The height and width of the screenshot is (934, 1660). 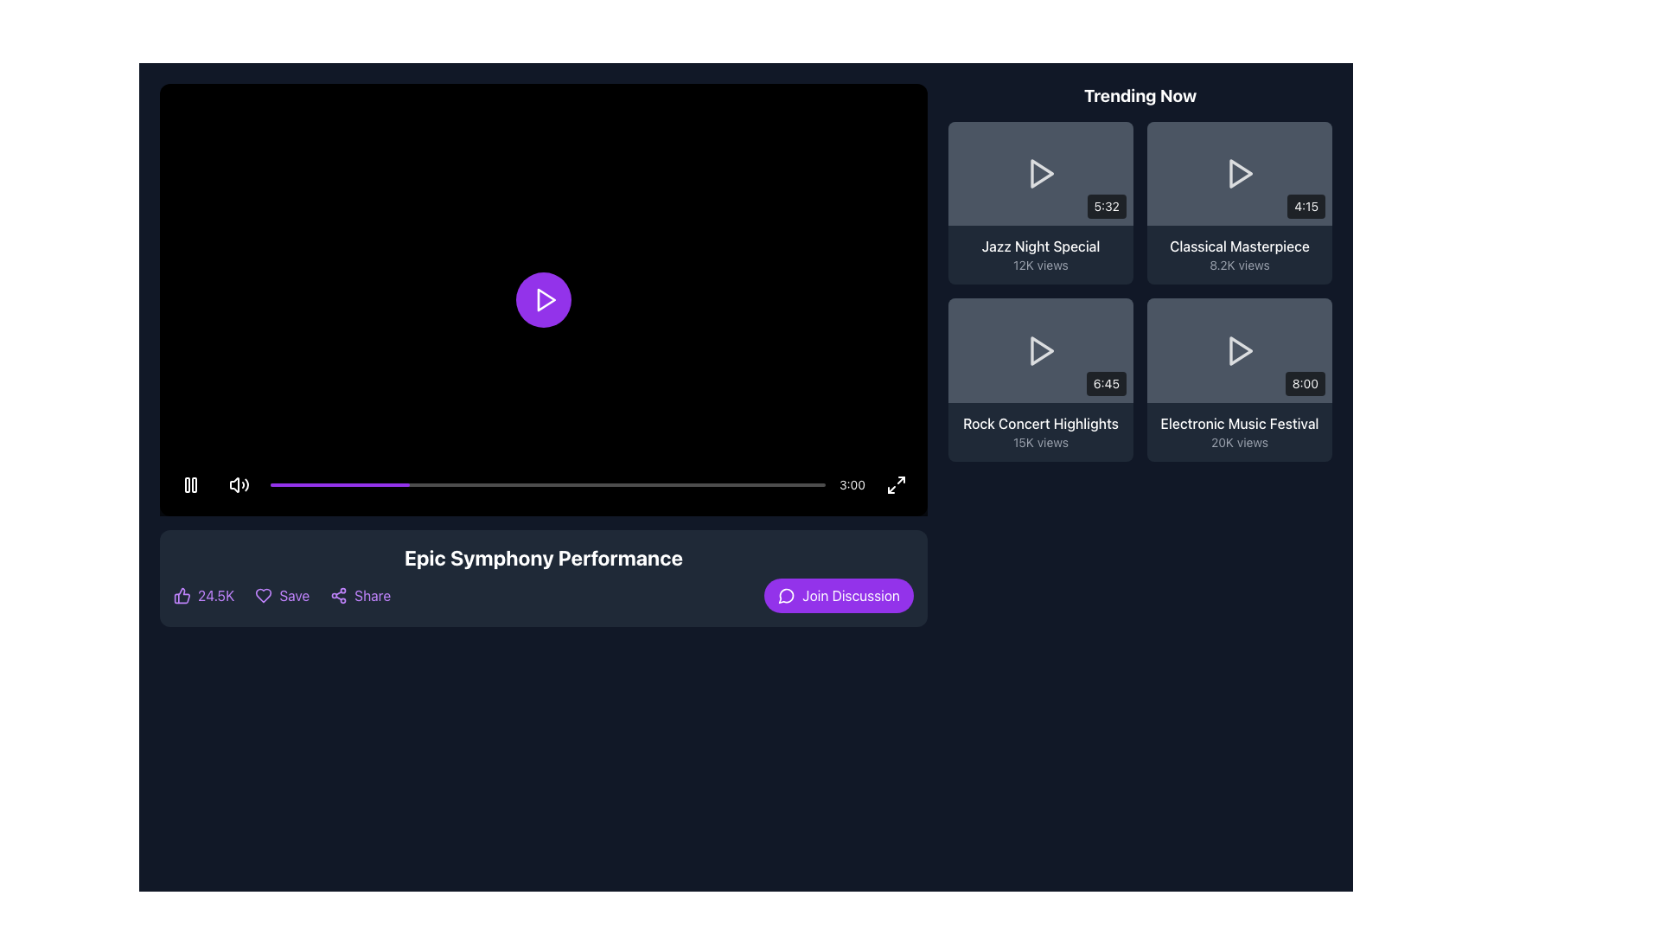 What do you see at coordinates (1040, 246) in the screenshot?
I see `the text label displaying 'Jazz Night Special' in the top-right section of the interface to interact with the associated video` at bounding box center [1040, 246].